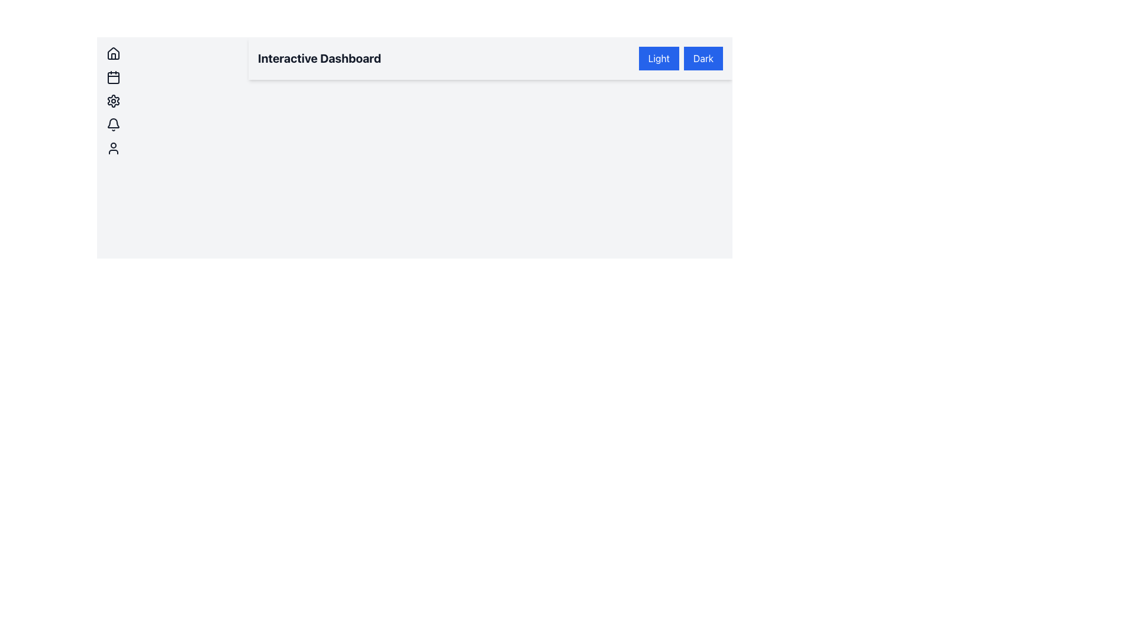  I want to click on the 'Dark' button with white text on a blue background, so click(703, 59).